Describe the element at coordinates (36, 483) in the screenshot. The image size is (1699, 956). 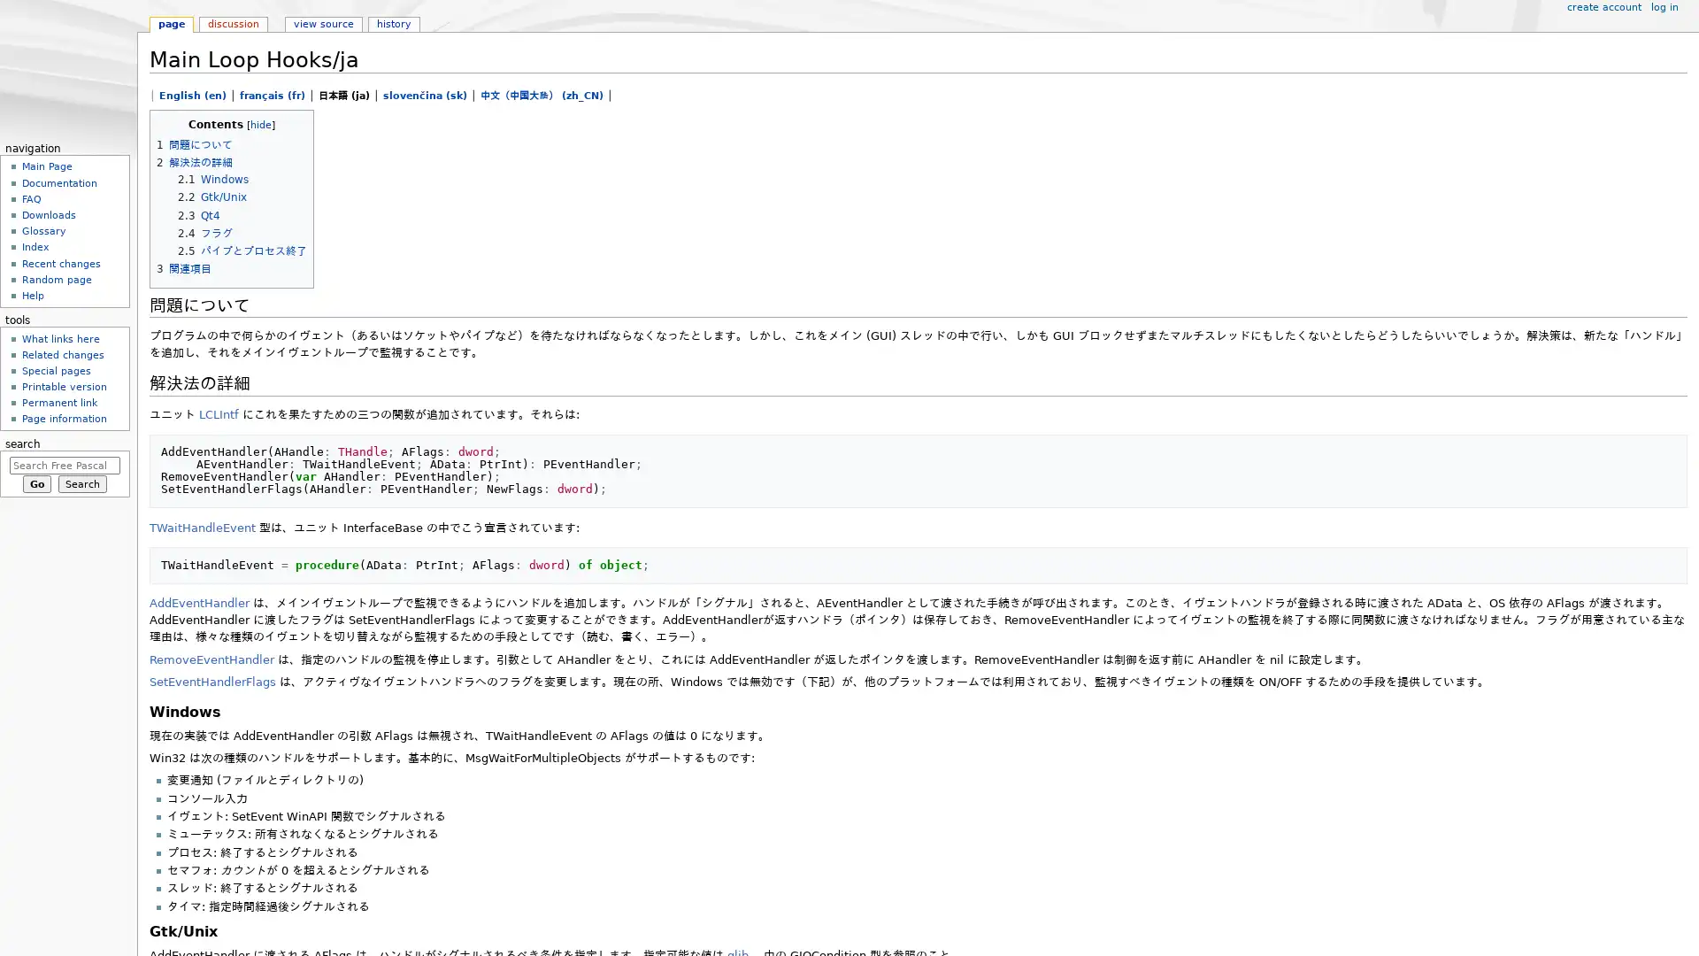
I see `Go` at that location.